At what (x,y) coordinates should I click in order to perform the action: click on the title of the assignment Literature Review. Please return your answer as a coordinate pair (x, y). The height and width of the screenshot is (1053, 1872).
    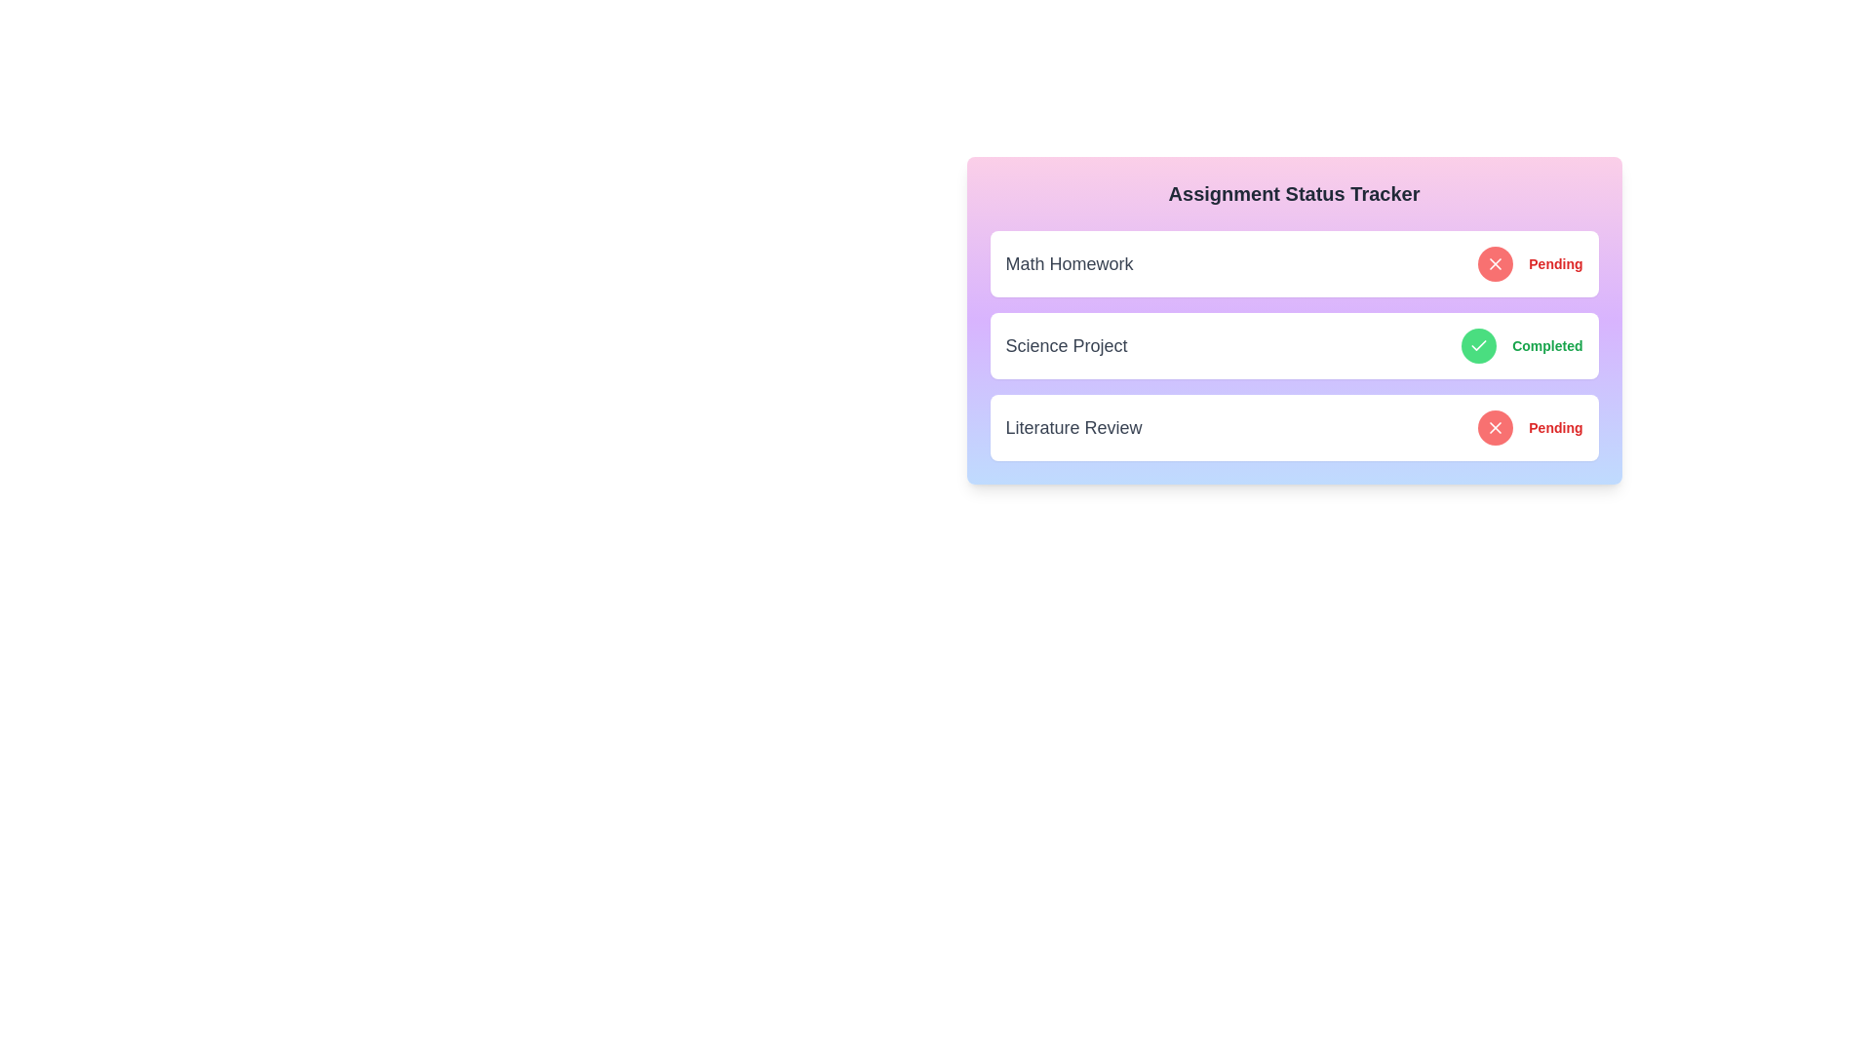
    Looking at the image, I should click on (1072, 427).